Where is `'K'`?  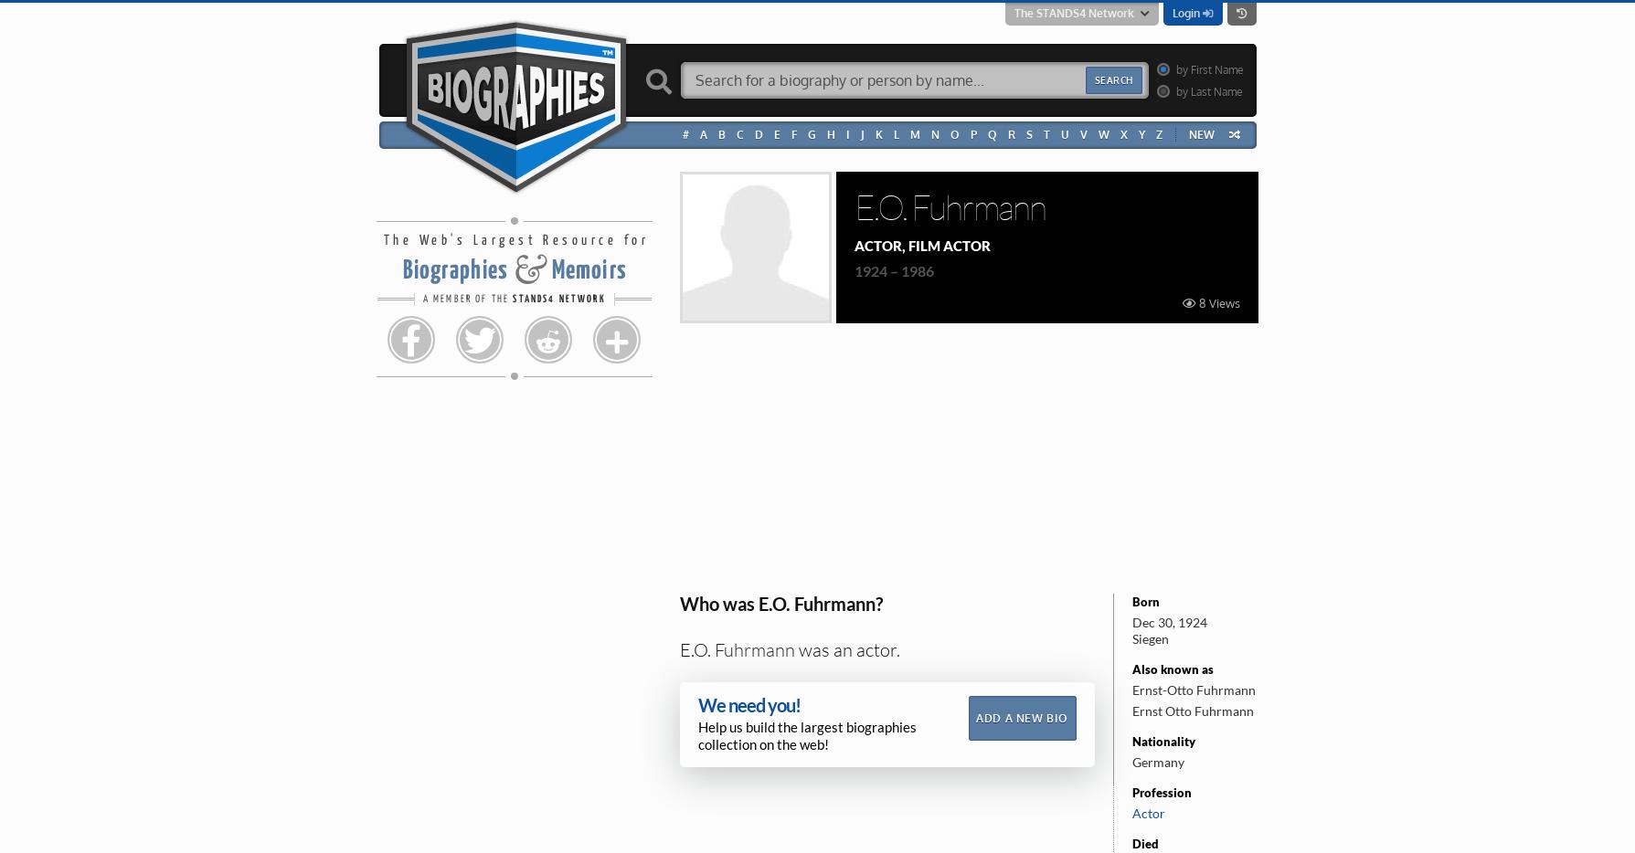
'K' is located at coordinates (877, 134).